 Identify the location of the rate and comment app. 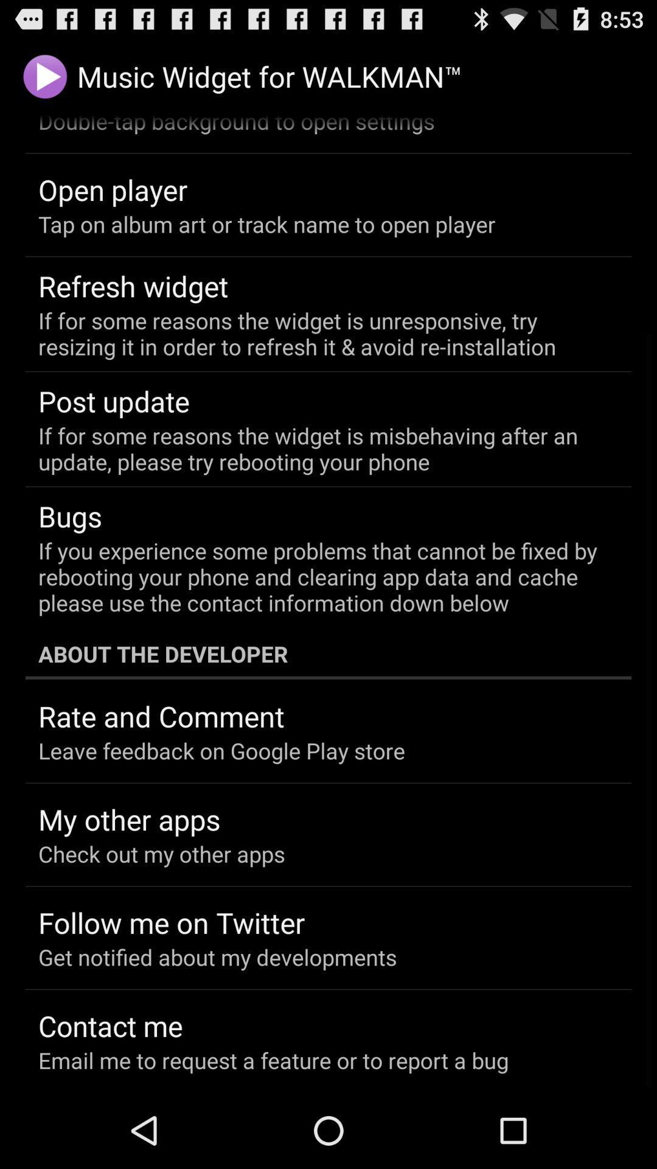
(161, 716).